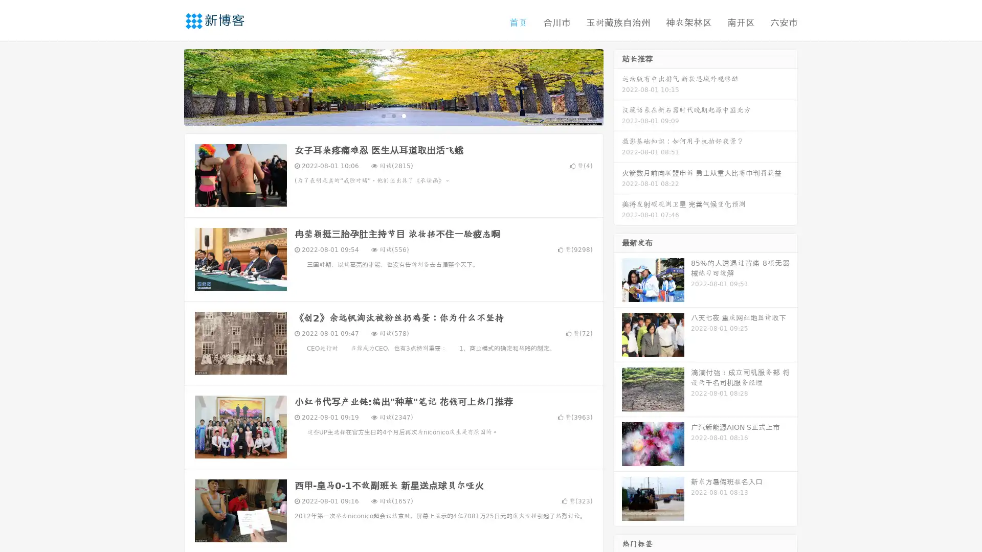  I want to click on Go to slide 3, so click(404, 115).